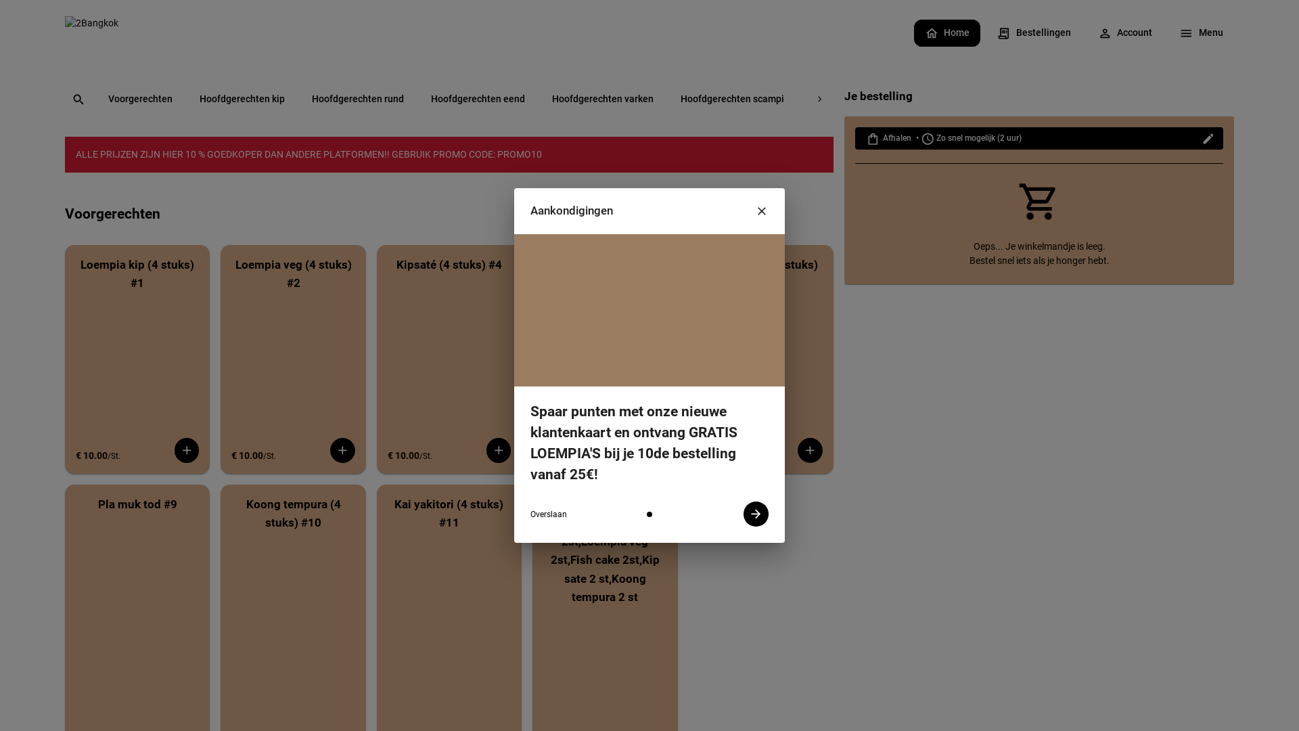  What do you see at coordinates (731, 99) in the screenshot?
I see `'Hoofdgerechten scampi'` at bounding box center [731, 99].